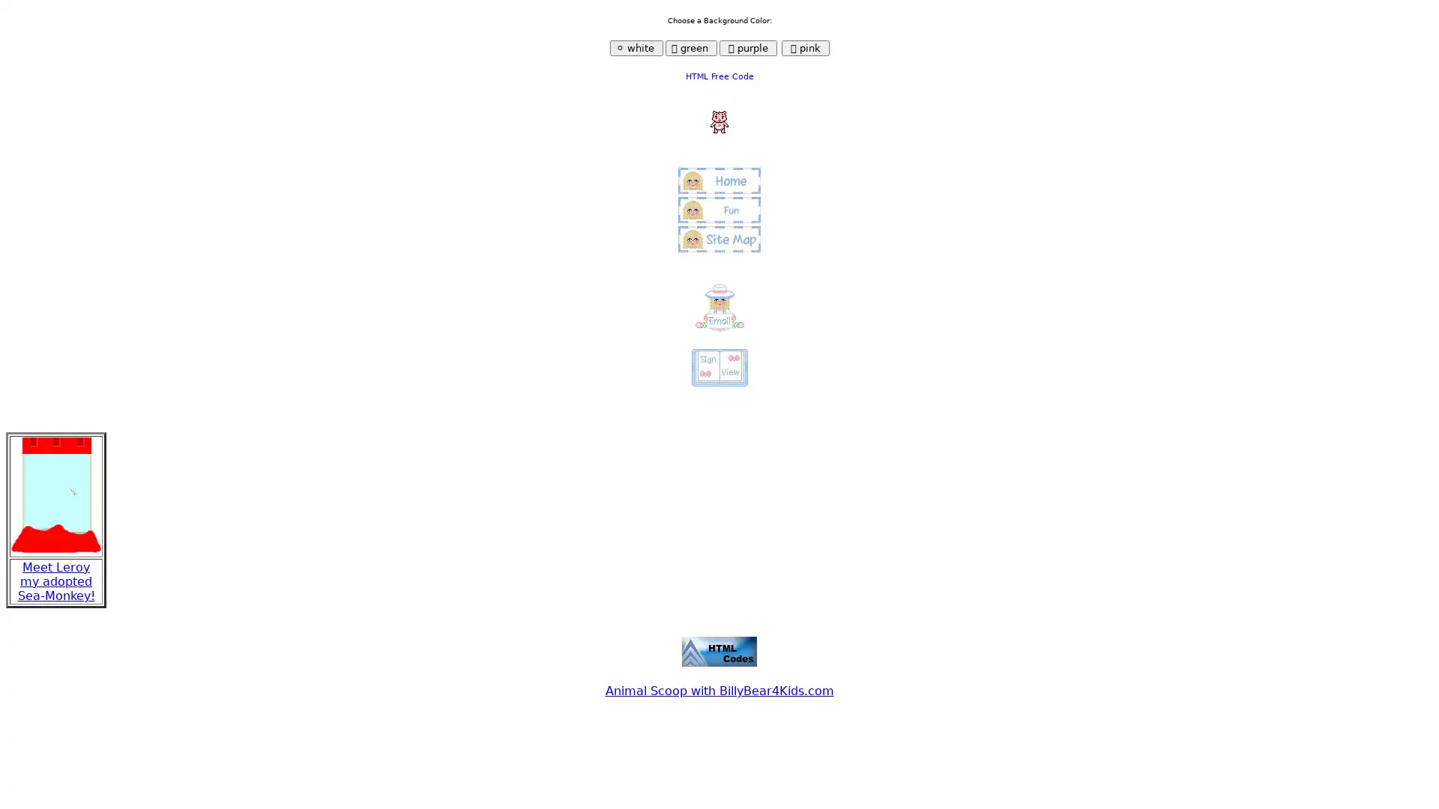 The height and width of the screenshot is (809, 1439). What do you see at coordinates (804, 47) in the screenshot?
I see `pink` at bounding box center [804, 47].